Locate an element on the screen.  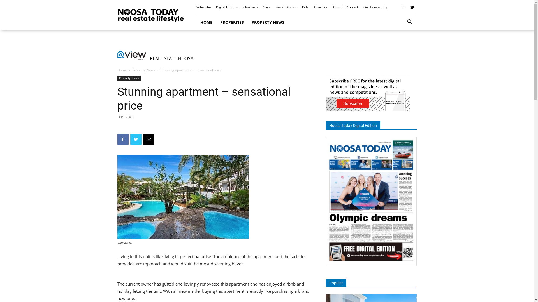
'Property News' is located at coordinates (128, 78).